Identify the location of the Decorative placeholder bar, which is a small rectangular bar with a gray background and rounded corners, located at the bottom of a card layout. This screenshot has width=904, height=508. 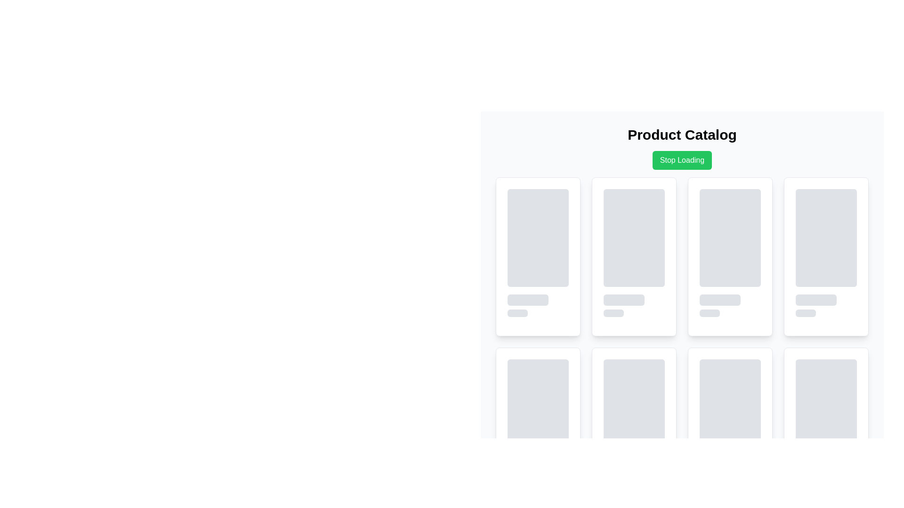
(613, 313).